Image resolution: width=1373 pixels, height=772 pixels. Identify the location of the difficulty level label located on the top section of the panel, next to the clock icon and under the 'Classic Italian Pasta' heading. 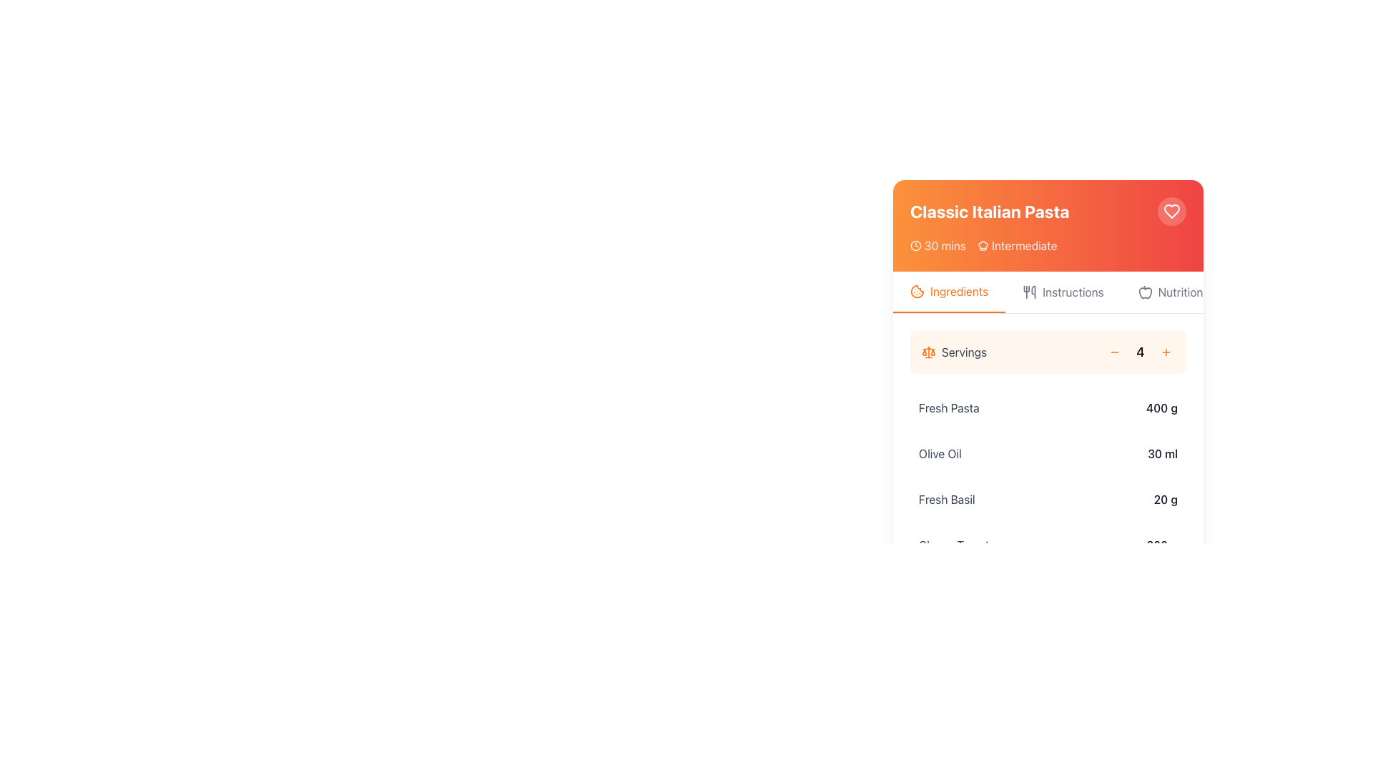
(1023, 244).